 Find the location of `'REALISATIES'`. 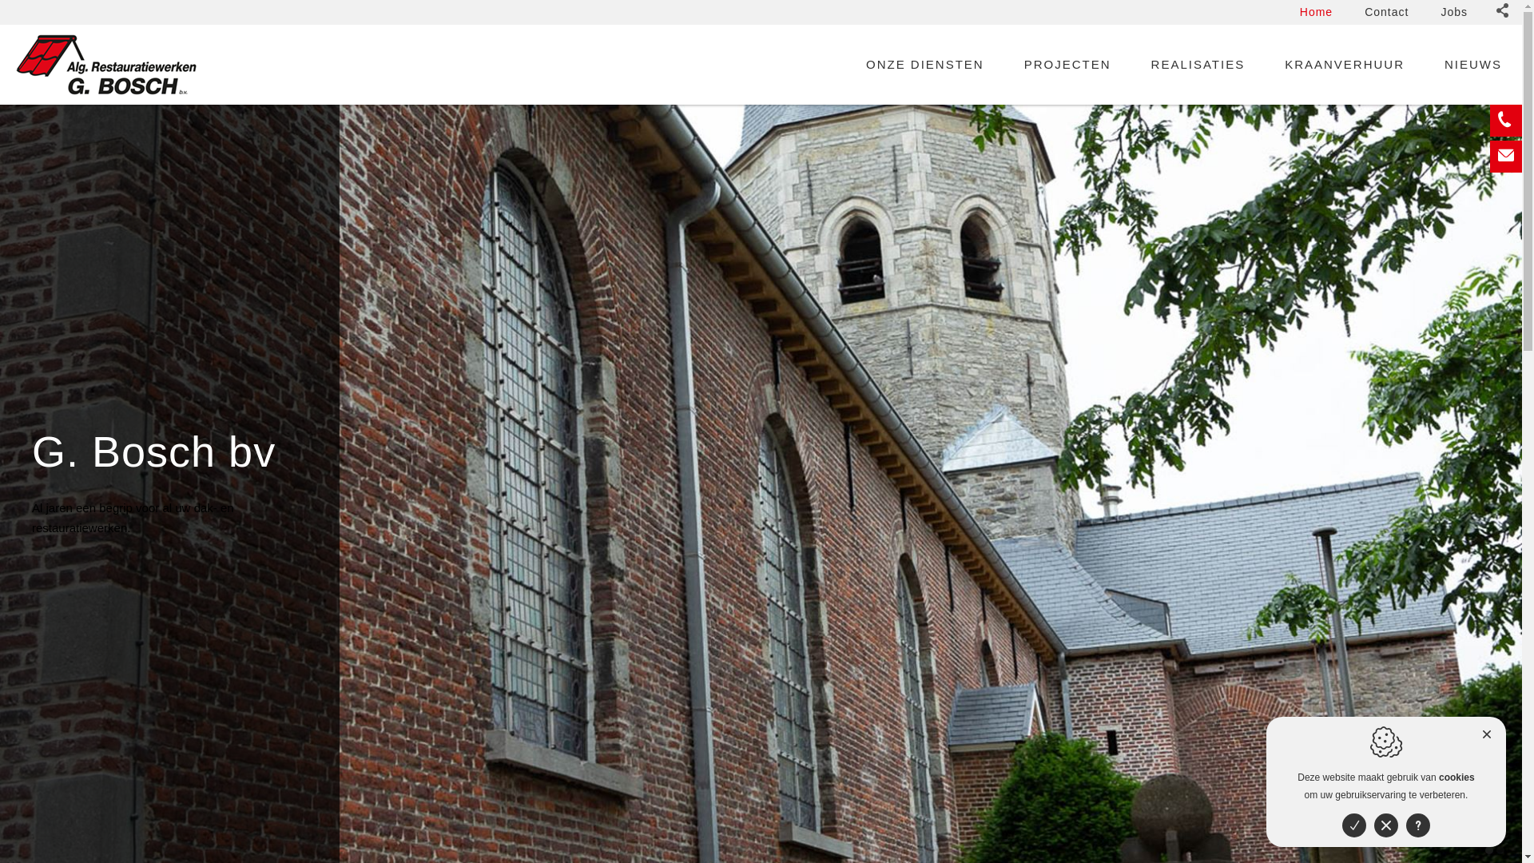

'REALISATIES' is located at coordinates (1142, 64).